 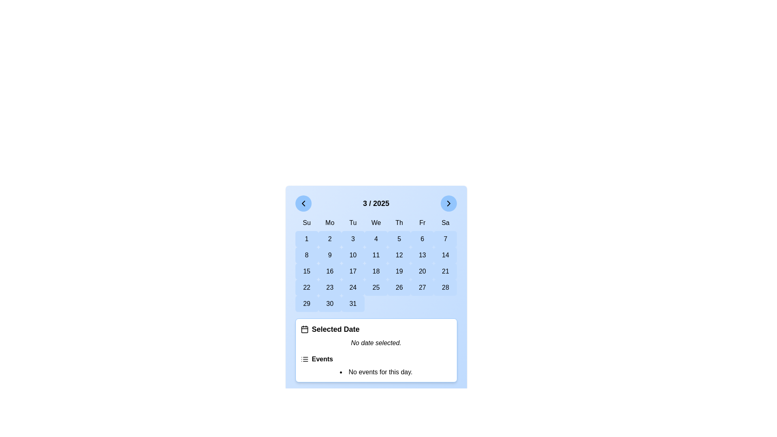 What do you see at coordinates (353, 272) in the screenshot?
I see `the button representing the date '17th' in the March 2025 calendar` at bounding box center [353, 272].